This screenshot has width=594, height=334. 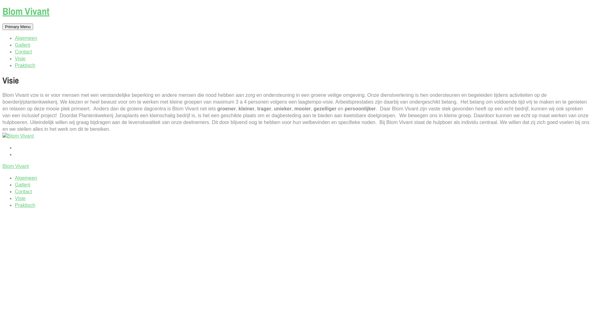 I want to click on 'Blom Vivant', so click(x=25, y=11).